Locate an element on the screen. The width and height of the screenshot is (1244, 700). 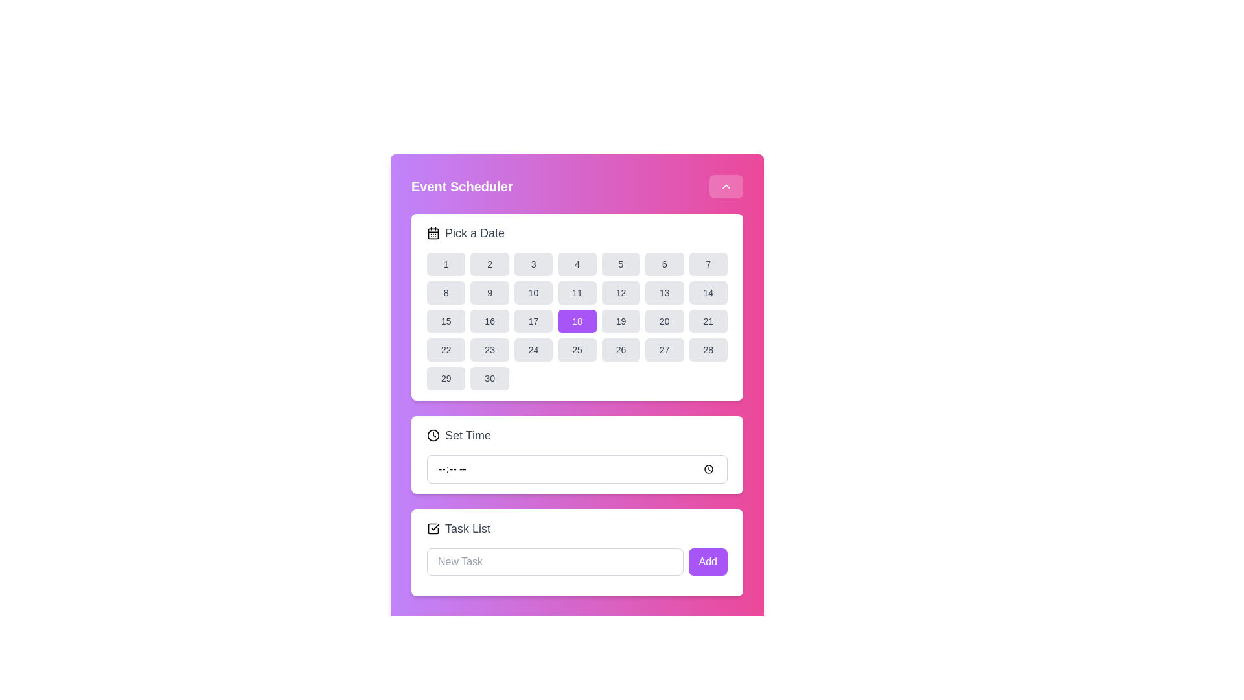
the time is located at coordinates (577, 469).